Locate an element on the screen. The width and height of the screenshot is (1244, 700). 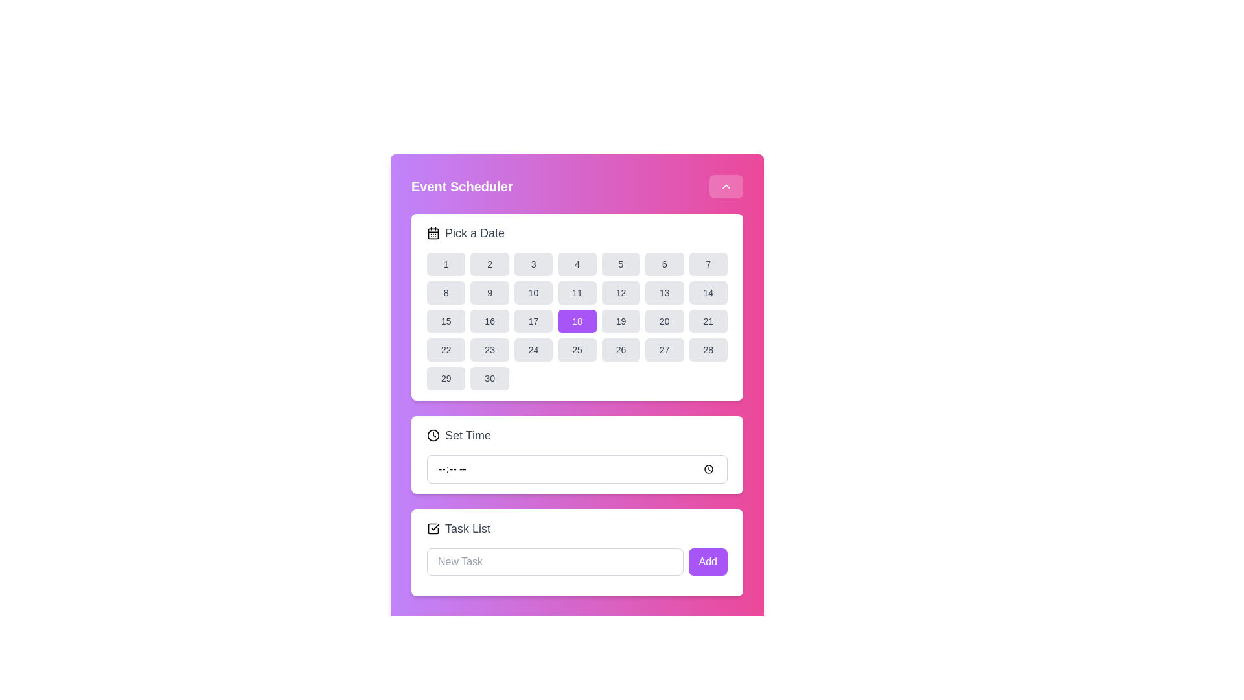
the time is located at coordinates (577, 469).